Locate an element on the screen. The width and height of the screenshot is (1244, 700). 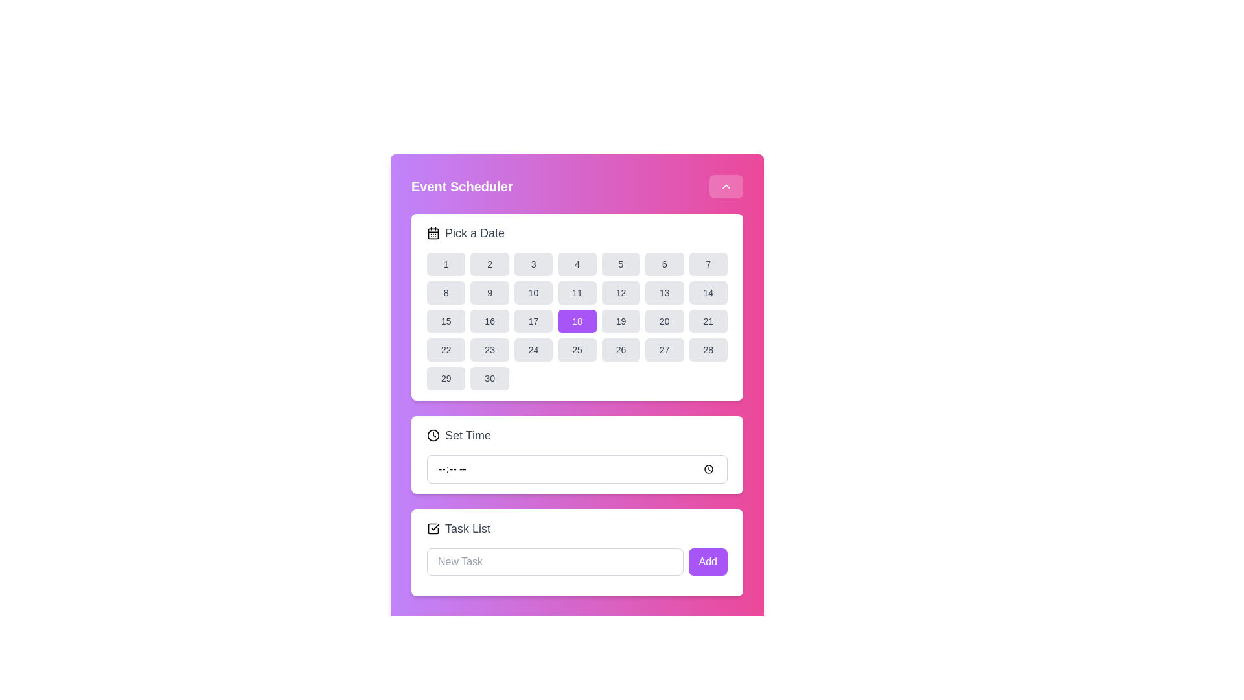
the time is located at coordinates (577, 469).